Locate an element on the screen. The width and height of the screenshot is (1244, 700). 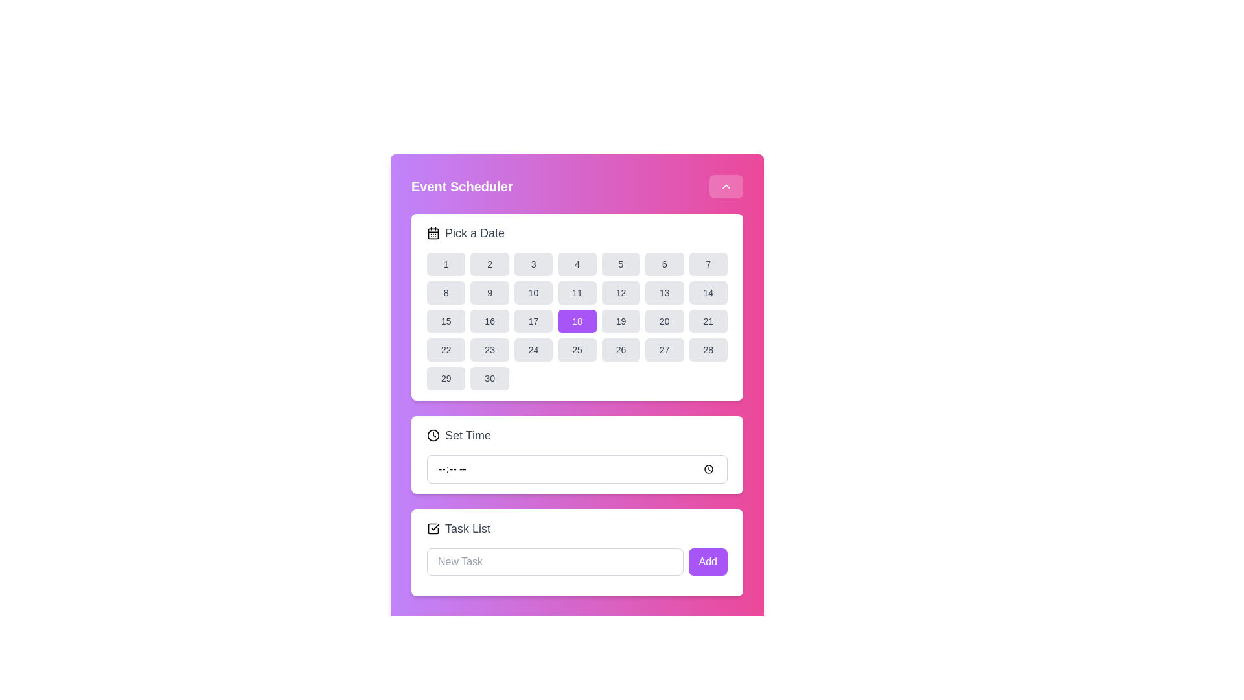
the time is located at coordinates (577, 469).